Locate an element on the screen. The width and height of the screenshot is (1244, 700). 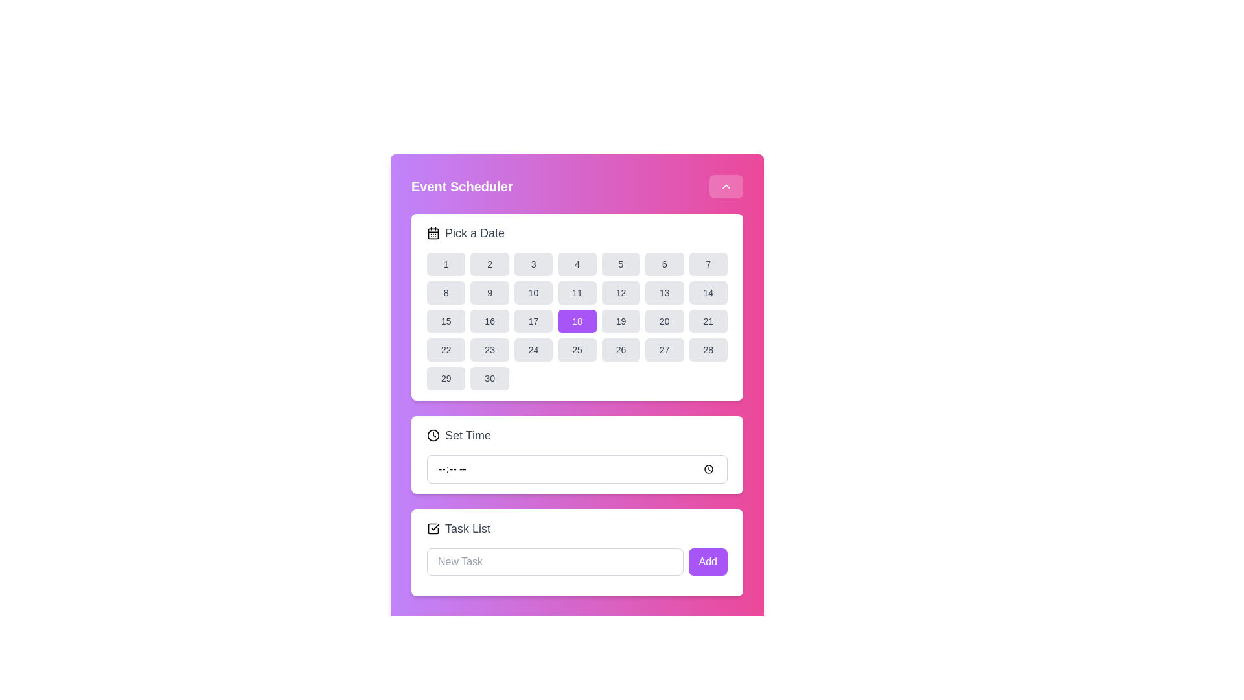
the time is located at coordinates (577, 469).